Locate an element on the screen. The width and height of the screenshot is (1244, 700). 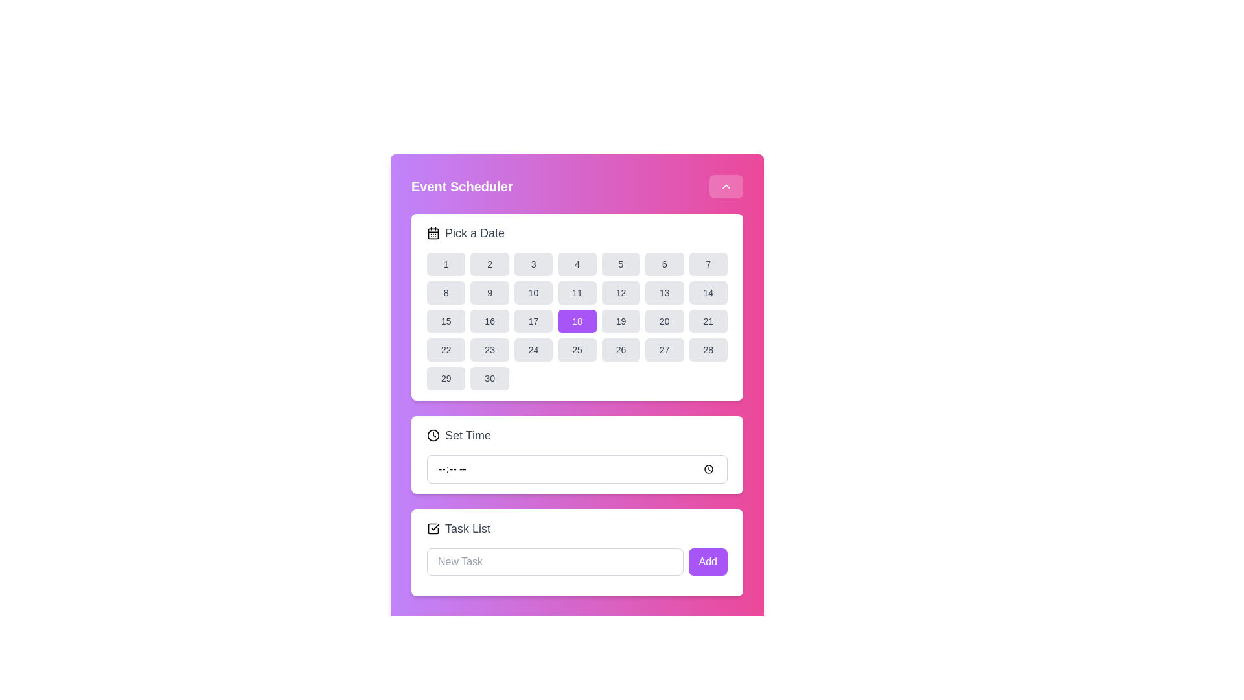
the time is located at coordinates (577, 469).